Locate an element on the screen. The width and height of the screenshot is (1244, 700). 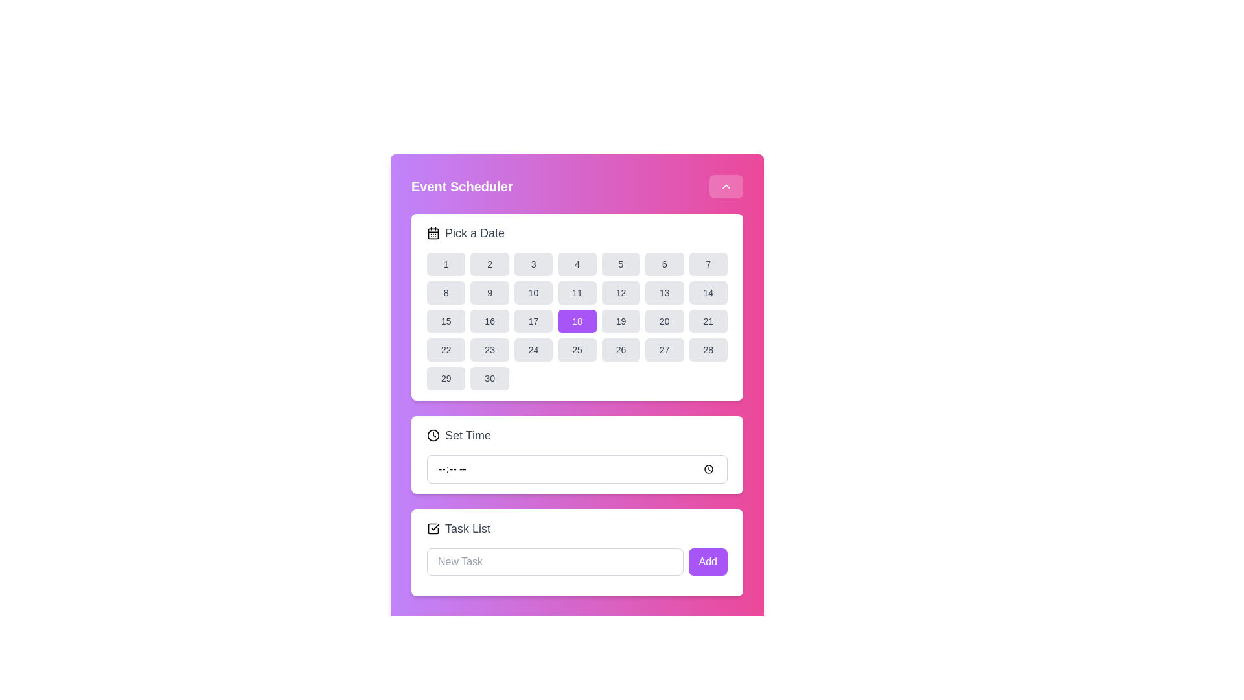
the time is located at coordinates (577, 469).